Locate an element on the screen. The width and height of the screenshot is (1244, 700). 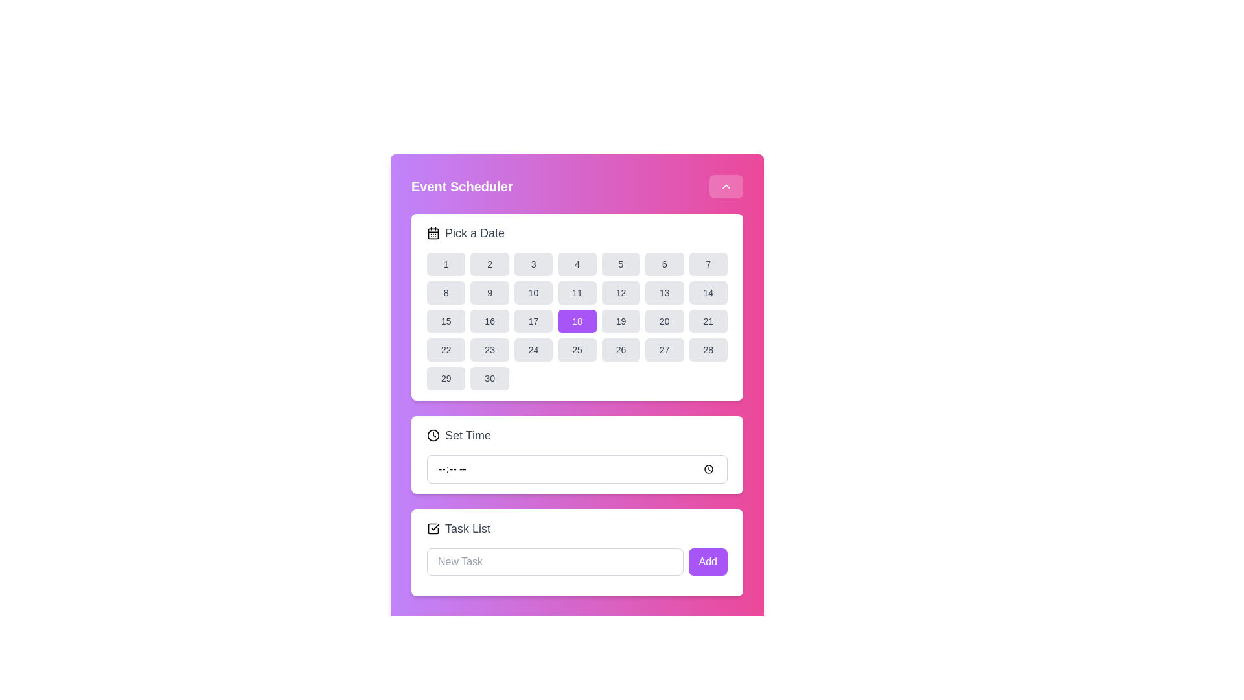
the time is located at coordinates (577, 469).